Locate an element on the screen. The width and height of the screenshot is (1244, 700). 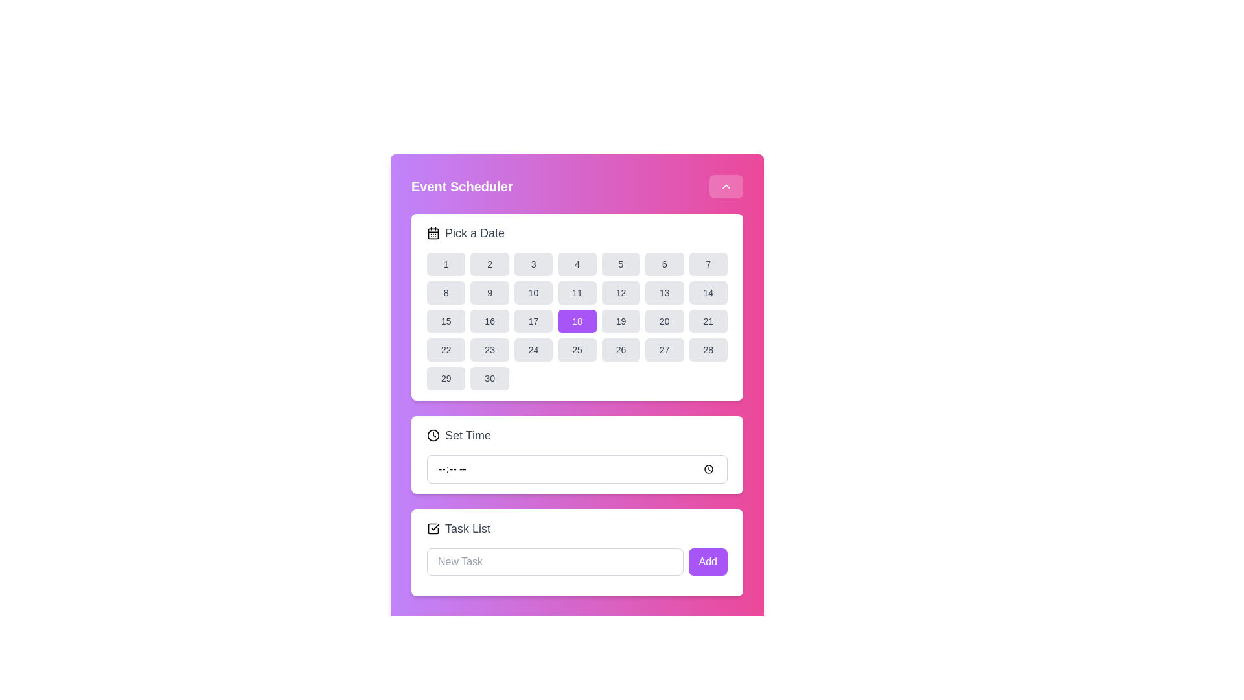
the time is located at coordinates (577, 469).